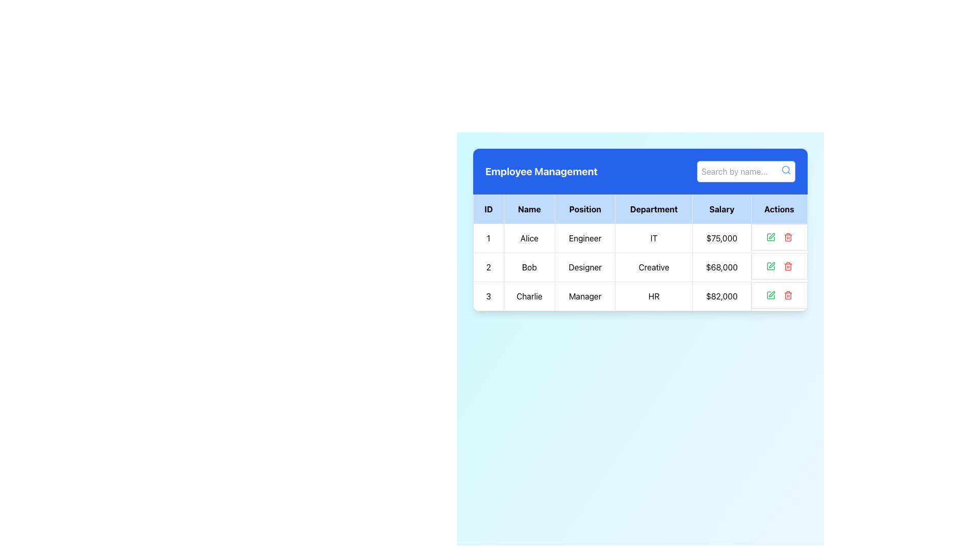 The width and height of the screenshot is (979, 550). I want to click on the 'Department' table header, which is the fourth column header in a grid layout with a light blue background and bold black text, so click(654, 209).